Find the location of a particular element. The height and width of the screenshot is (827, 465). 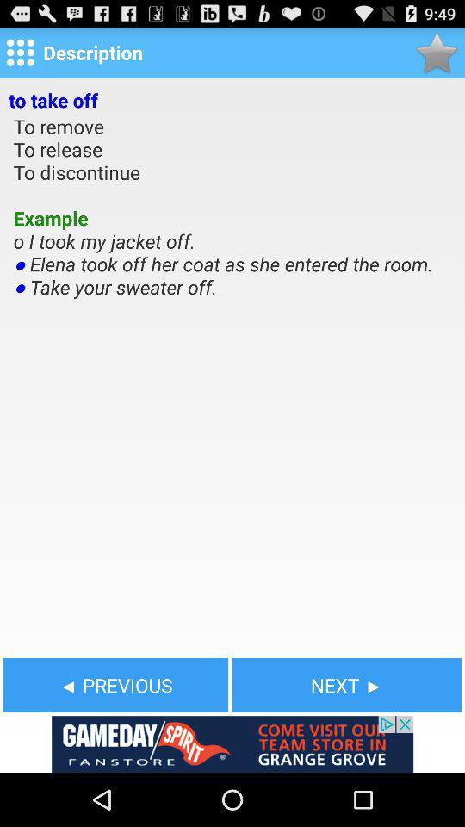

favorite is located at coordinates (437, 53).